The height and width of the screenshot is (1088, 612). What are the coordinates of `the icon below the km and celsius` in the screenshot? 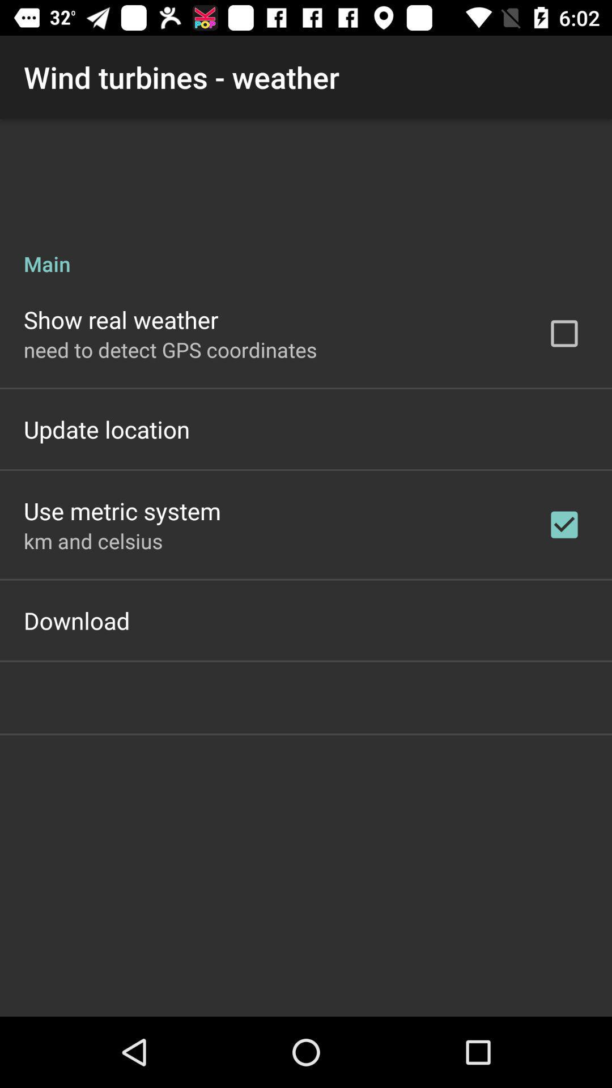 It's located at (76, 619).